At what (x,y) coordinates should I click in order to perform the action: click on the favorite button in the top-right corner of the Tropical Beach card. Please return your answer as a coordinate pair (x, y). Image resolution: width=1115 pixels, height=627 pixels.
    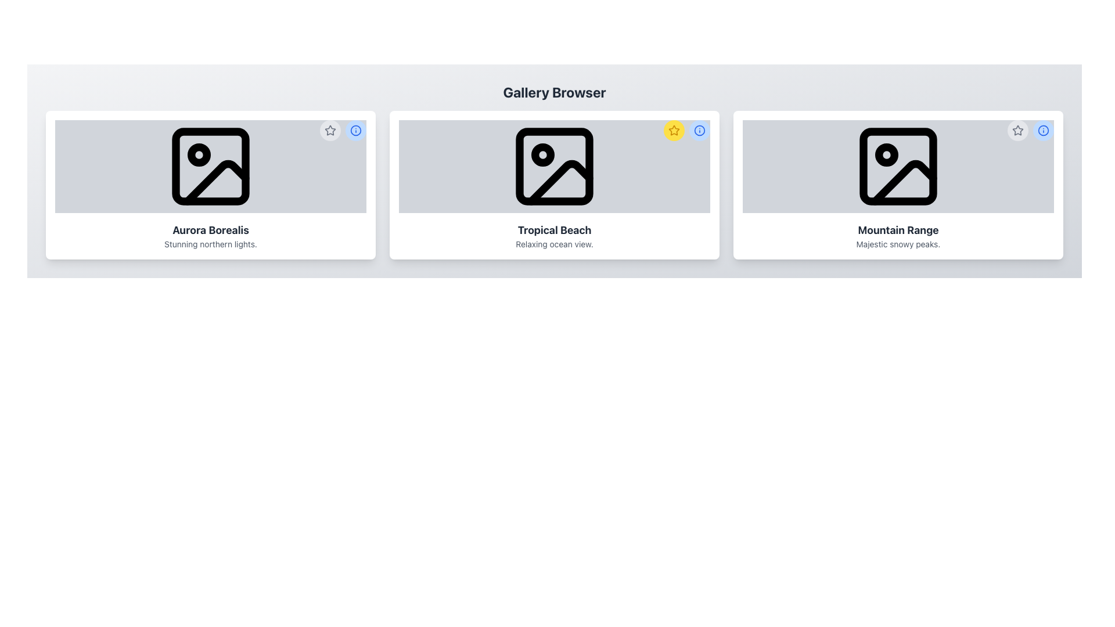
    Looking at the image, I should click on (674, 130).